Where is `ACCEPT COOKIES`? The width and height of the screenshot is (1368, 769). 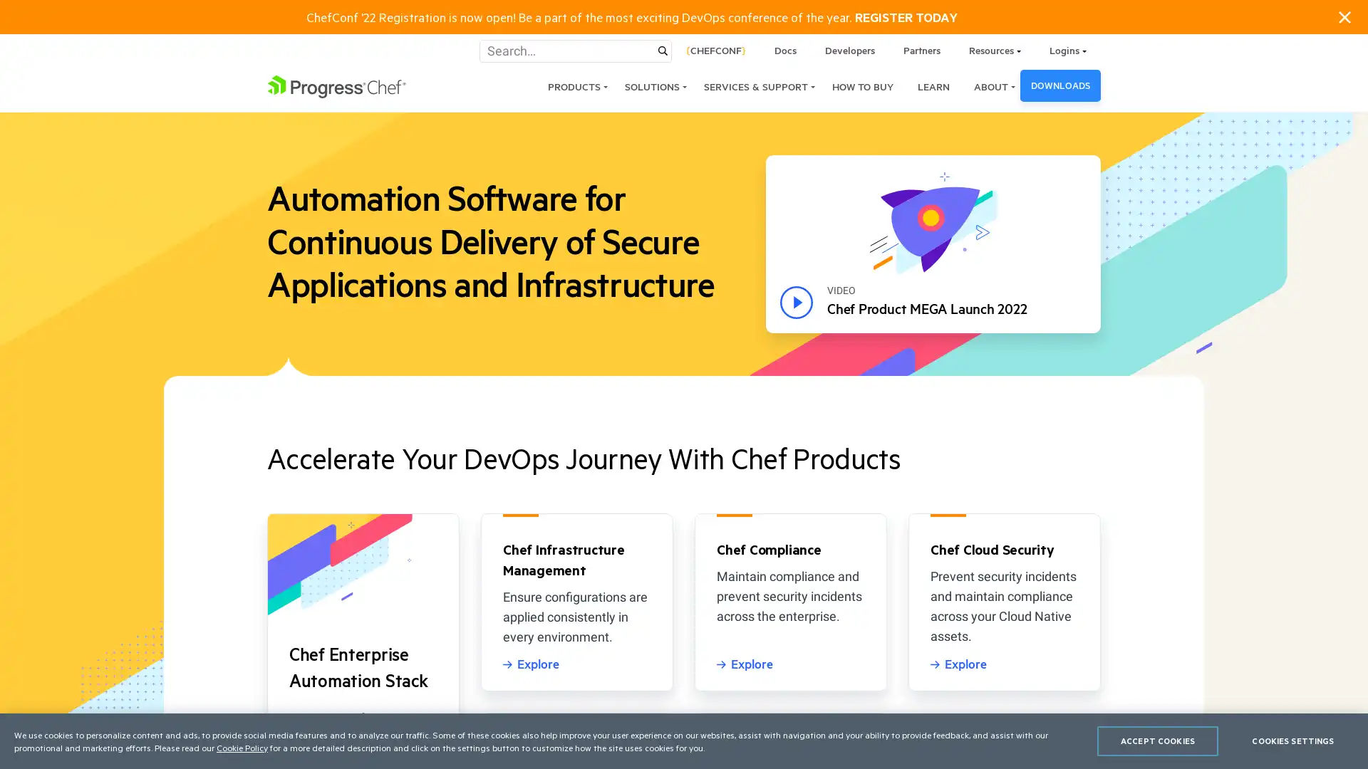 ACCEPT COOKIES is located at coordinates (1158, 741).